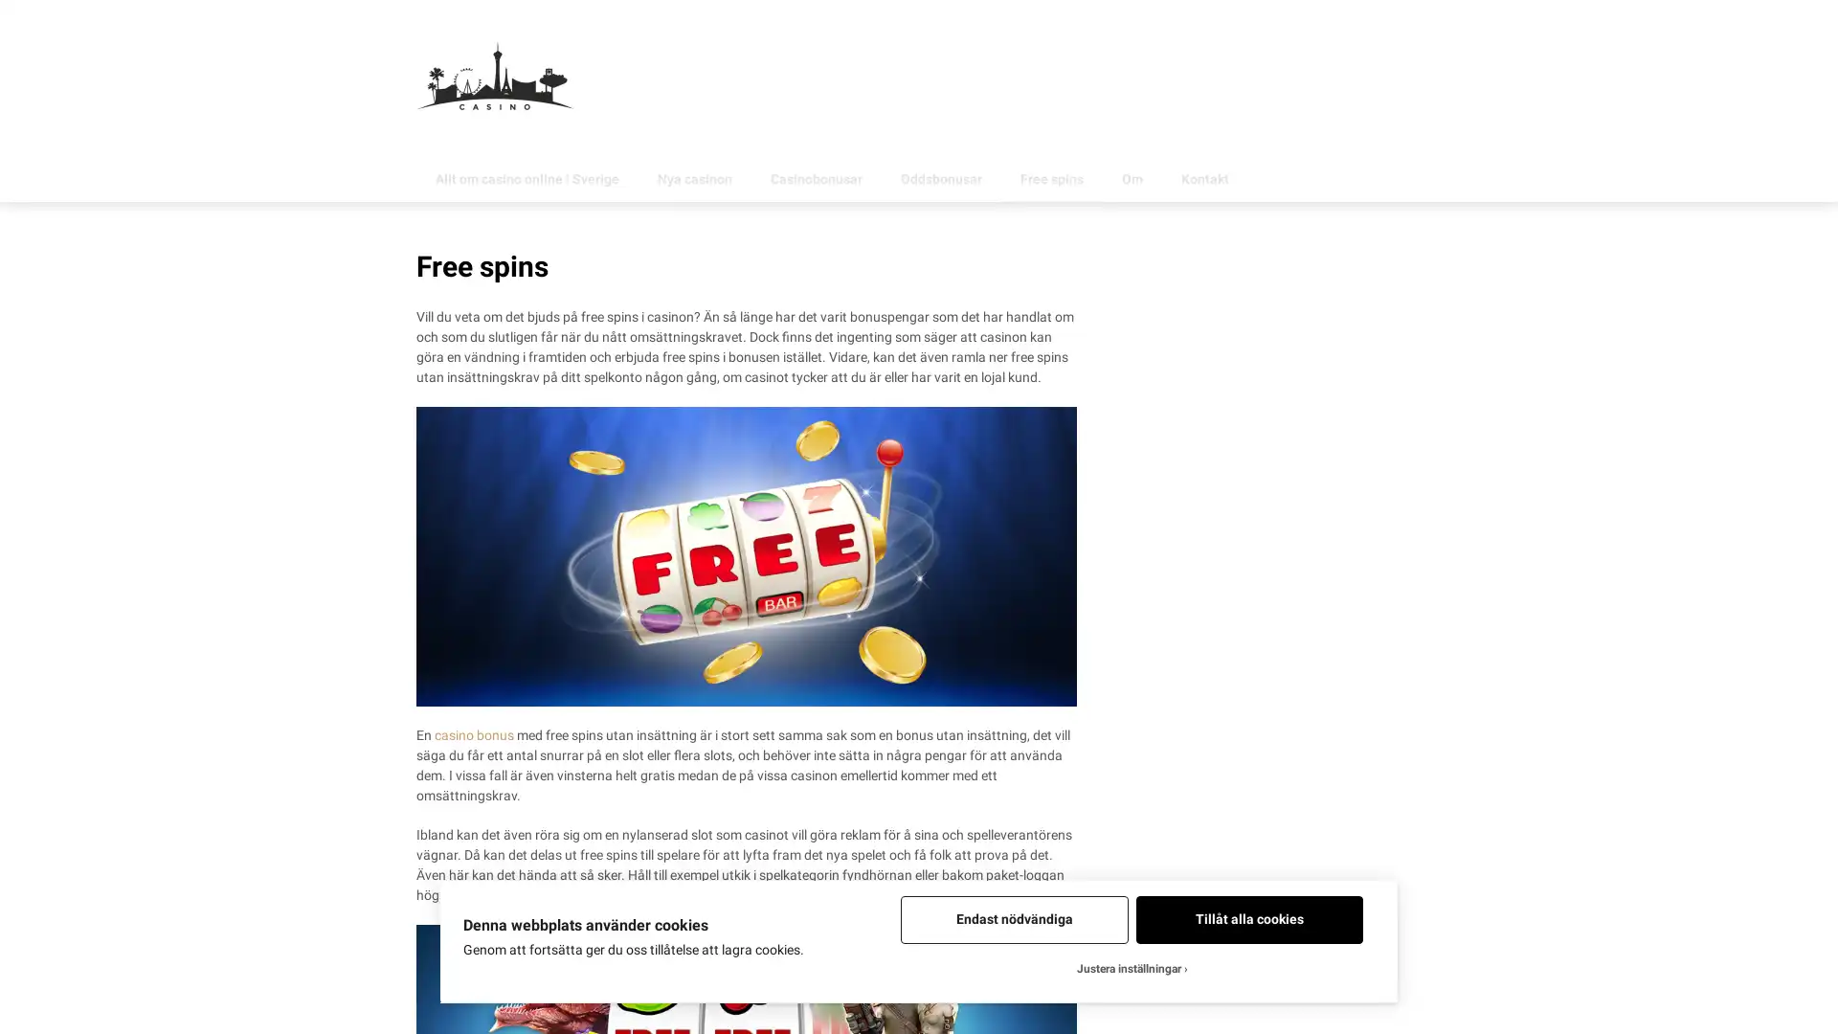 This screenshot has width=1838, height=1034. What do you see at coordinates (1132, 969) in the screenshot?
I see `Justera installningar` at bounding box center [1132, 969].